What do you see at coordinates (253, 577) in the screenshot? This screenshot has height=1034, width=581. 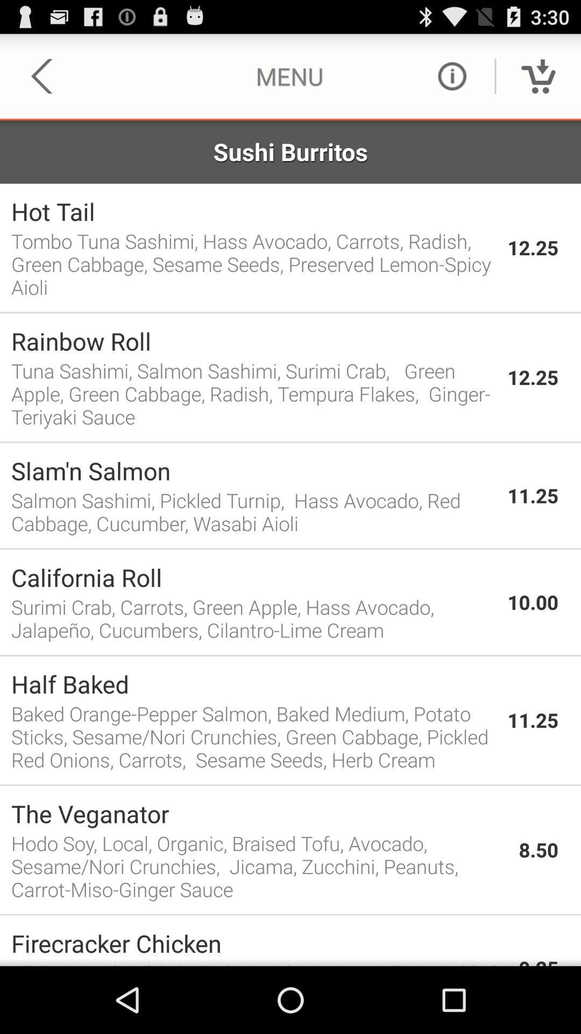 I see `california roll icon` at bounding box center [253, 577].